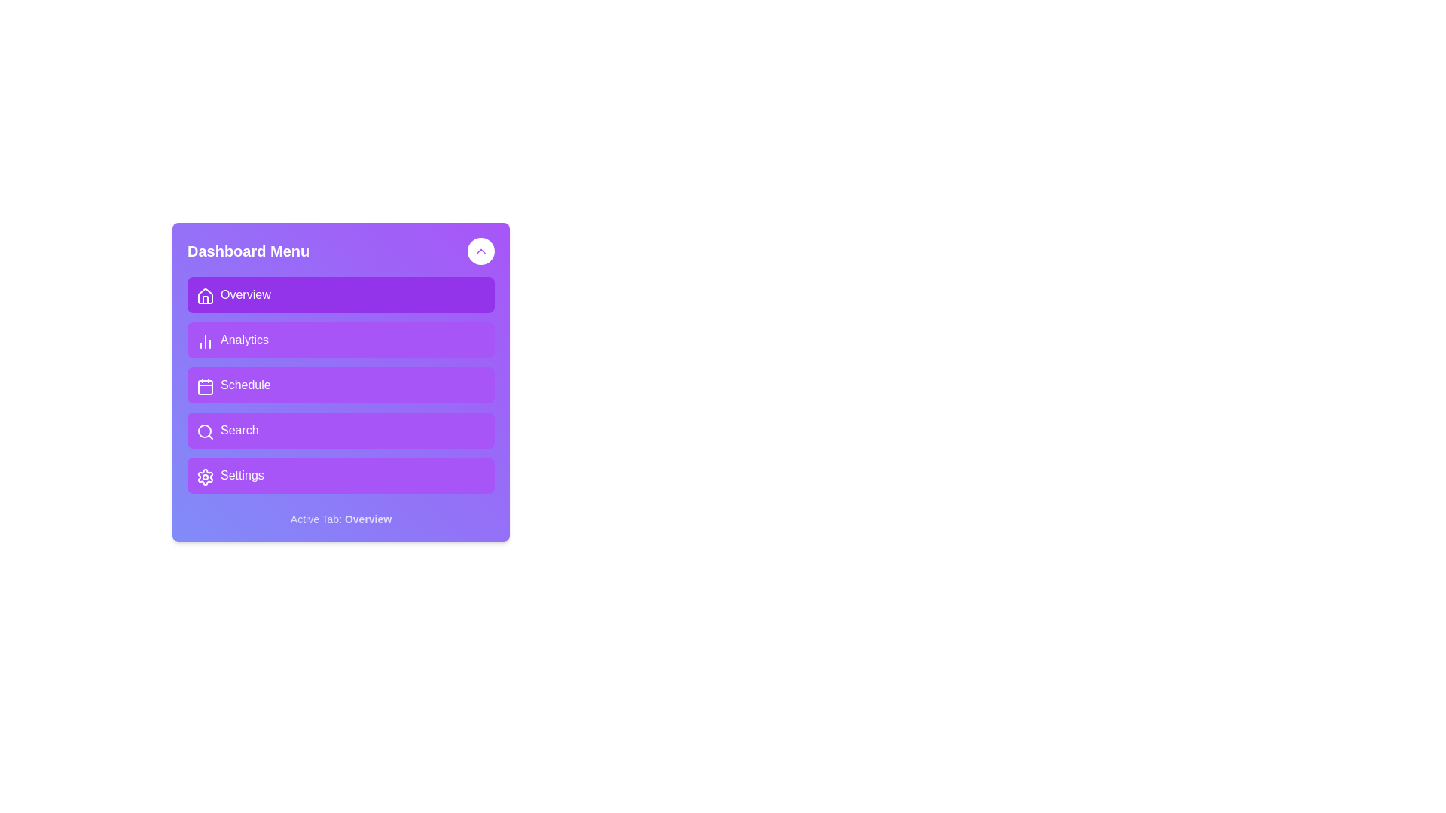 This screenshot has height=813, width=1446. What do you see at coordinates (203, 385) in the screenshot?
I see `the small square icon with a purple background that contains a calendar graphic, located on the left side of the 'Schedule' menu item` at bounding box center [203, 385].